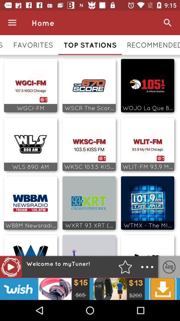 This screenshot has height=321, width=180. Describe the element at coordinates (147, 267) in the screenshot. I see `the more icon` at that location.